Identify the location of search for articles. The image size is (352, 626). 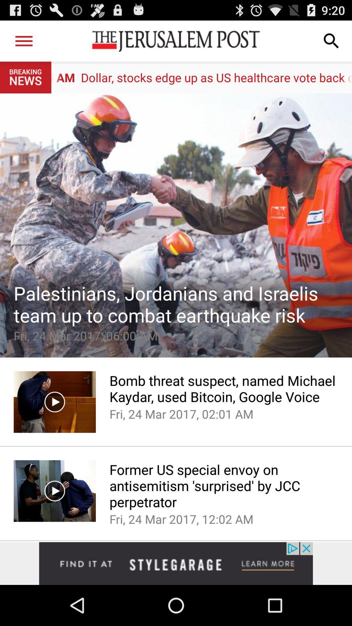
(331, 40).